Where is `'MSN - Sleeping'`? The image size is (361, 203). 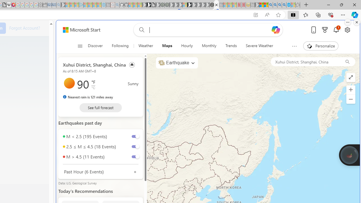 'MSN - Sleeping' is located at coordinates (257, 5).